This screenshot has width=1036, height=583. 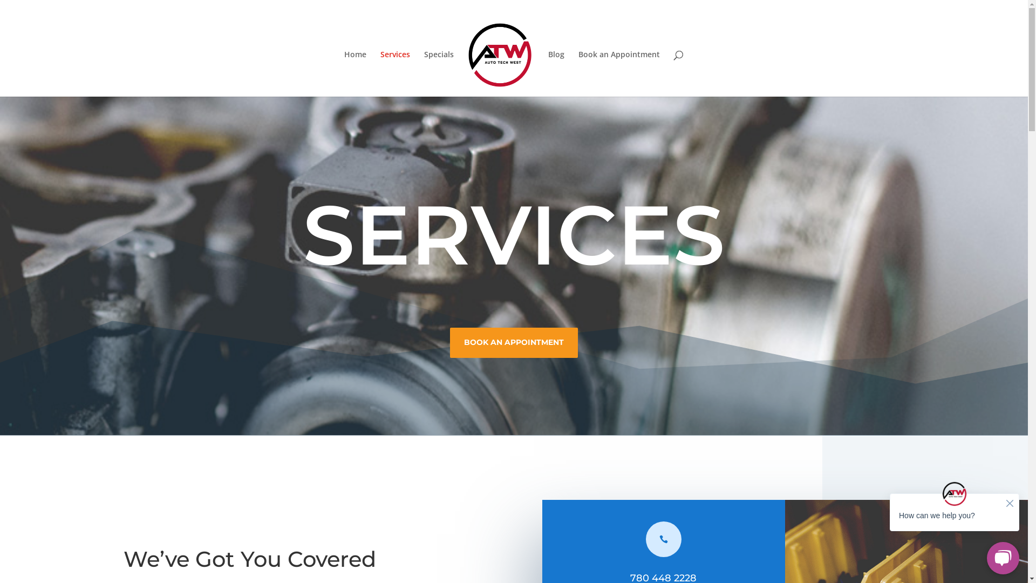 What do you see at coordinates (548, 73) in the screenshot?
I see `'Blog'` at bounding box center [548, 73].